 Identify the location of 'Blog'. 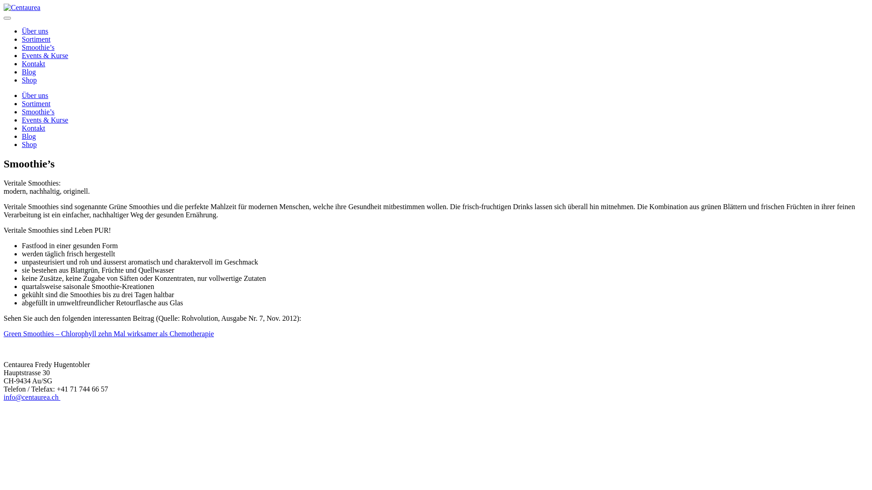
(22, 71).